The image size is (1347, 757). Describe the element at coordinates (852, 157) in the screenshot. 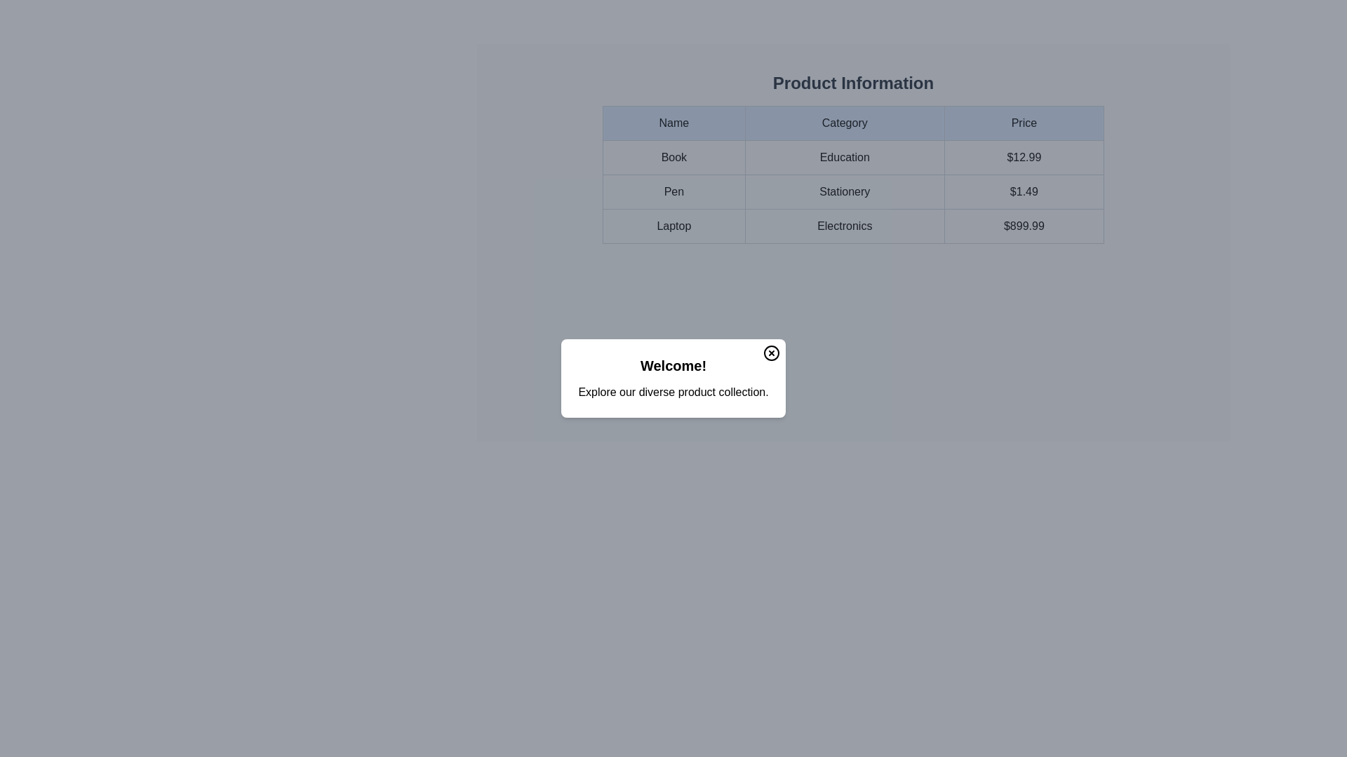

I see `the information contained in the first row of the 'Product Information' table, which displays details about the product: name ('Book'), category ('Education'), and price ('$12.99')` at that location.